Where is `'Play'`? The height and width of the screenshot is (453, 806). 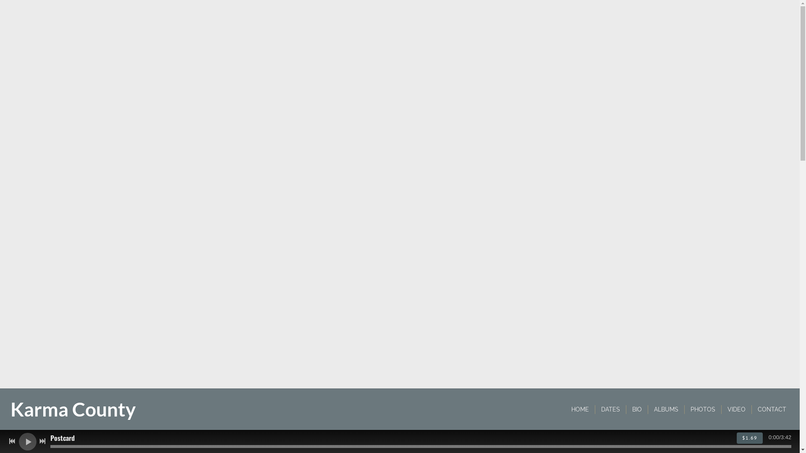 'Play' is located at coordinates (27, 441).